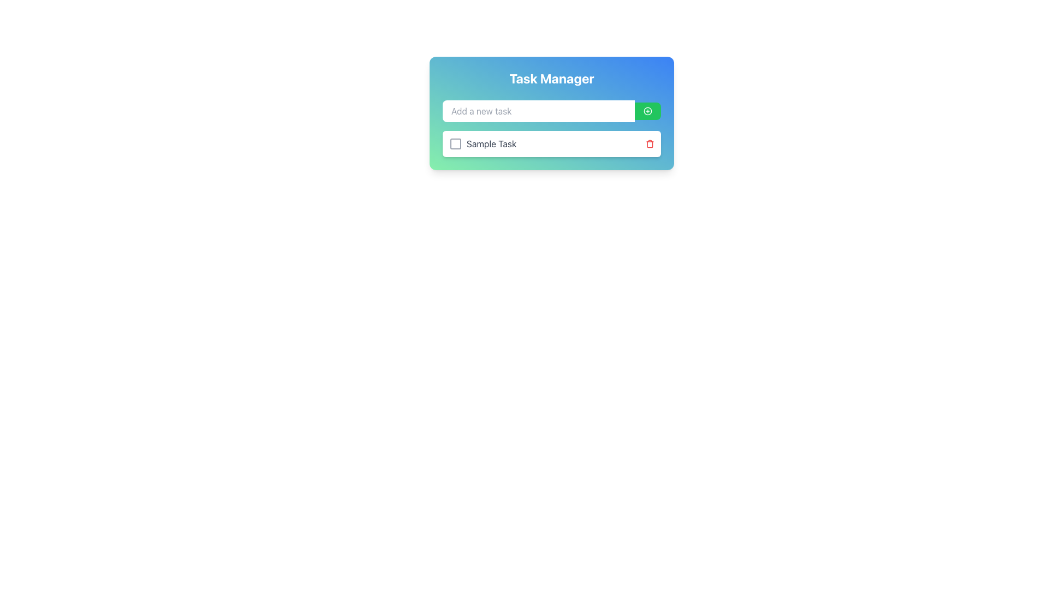 The image size is (1048, 589). Describe the element at coordinates (647, 111) in the screenshot. I see `the green button with a rounded right edge and a white circular plus sign icon, located at the right end of the 'Add a new task' input field` at that location.